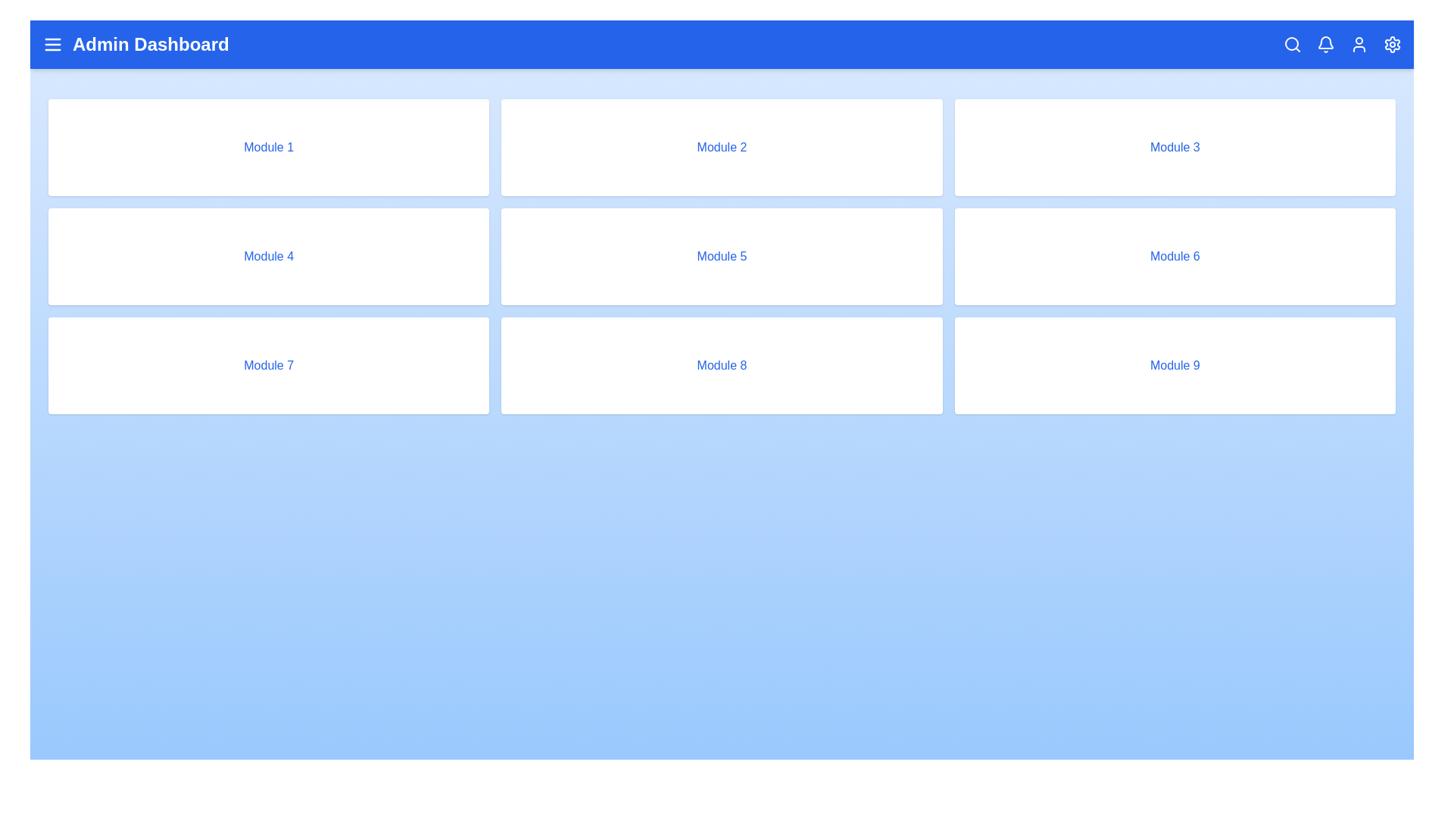 Image resolution: width=1454 pixels, height=818 pixels. What do you see at coordinates (1392, 43) in the screenshot?
I see `the settings icon in the top-right corner of the app bar to open the settings menu` at bounding box center [1392, 43].